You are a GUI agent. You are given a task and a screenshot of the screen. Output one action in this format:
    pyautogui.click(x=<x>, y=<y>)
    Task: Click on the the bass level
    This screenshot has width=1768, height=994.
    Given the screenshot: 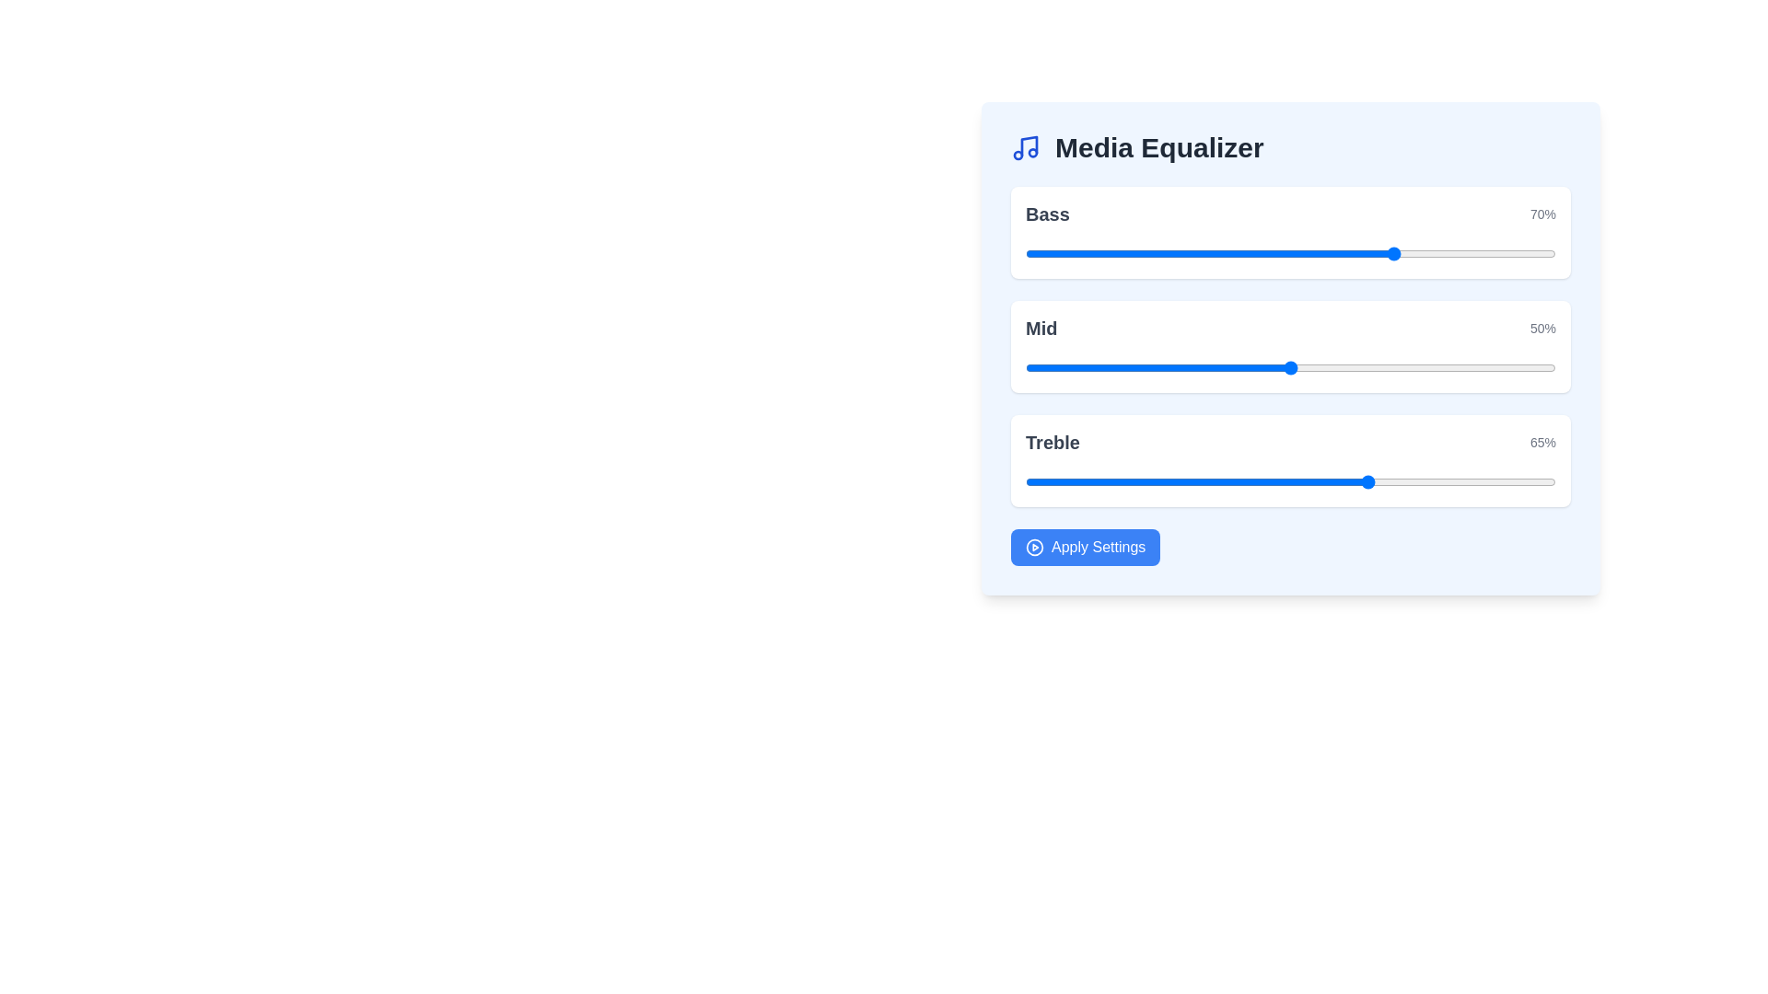 What is the action you would take?
    pyautogui.click(x=1152, y=254)
    